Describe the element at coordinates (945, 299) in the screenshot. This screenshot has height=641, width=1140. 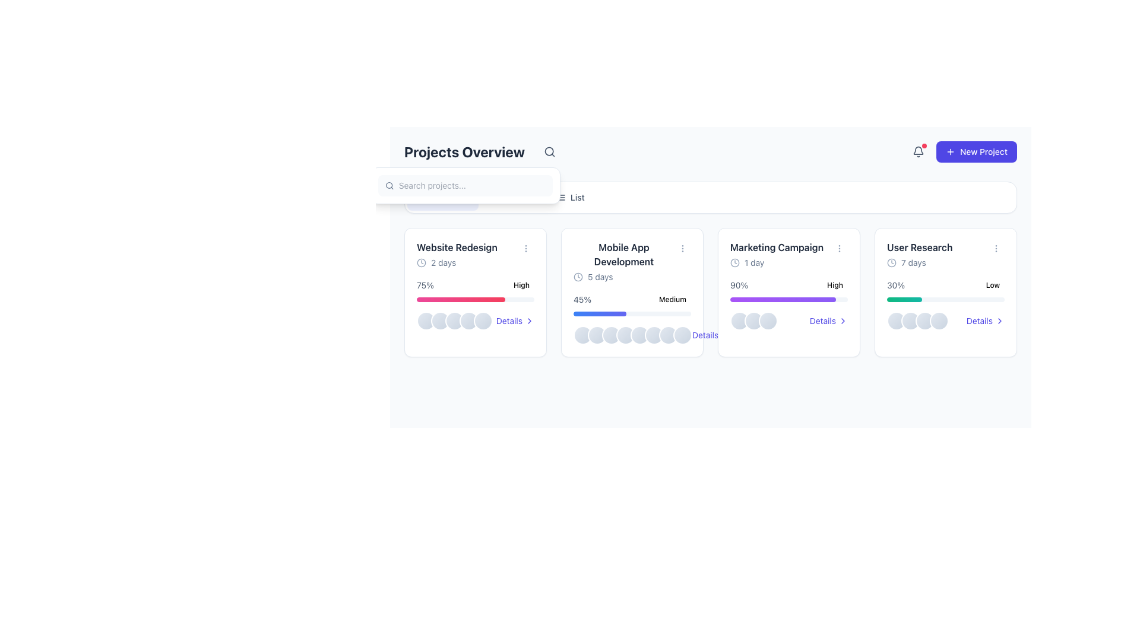
I see `the visual progress of the 'User Research' project represented by the Progress Bar, located in the bottom section of the interface, under the label '30%'` at that location.